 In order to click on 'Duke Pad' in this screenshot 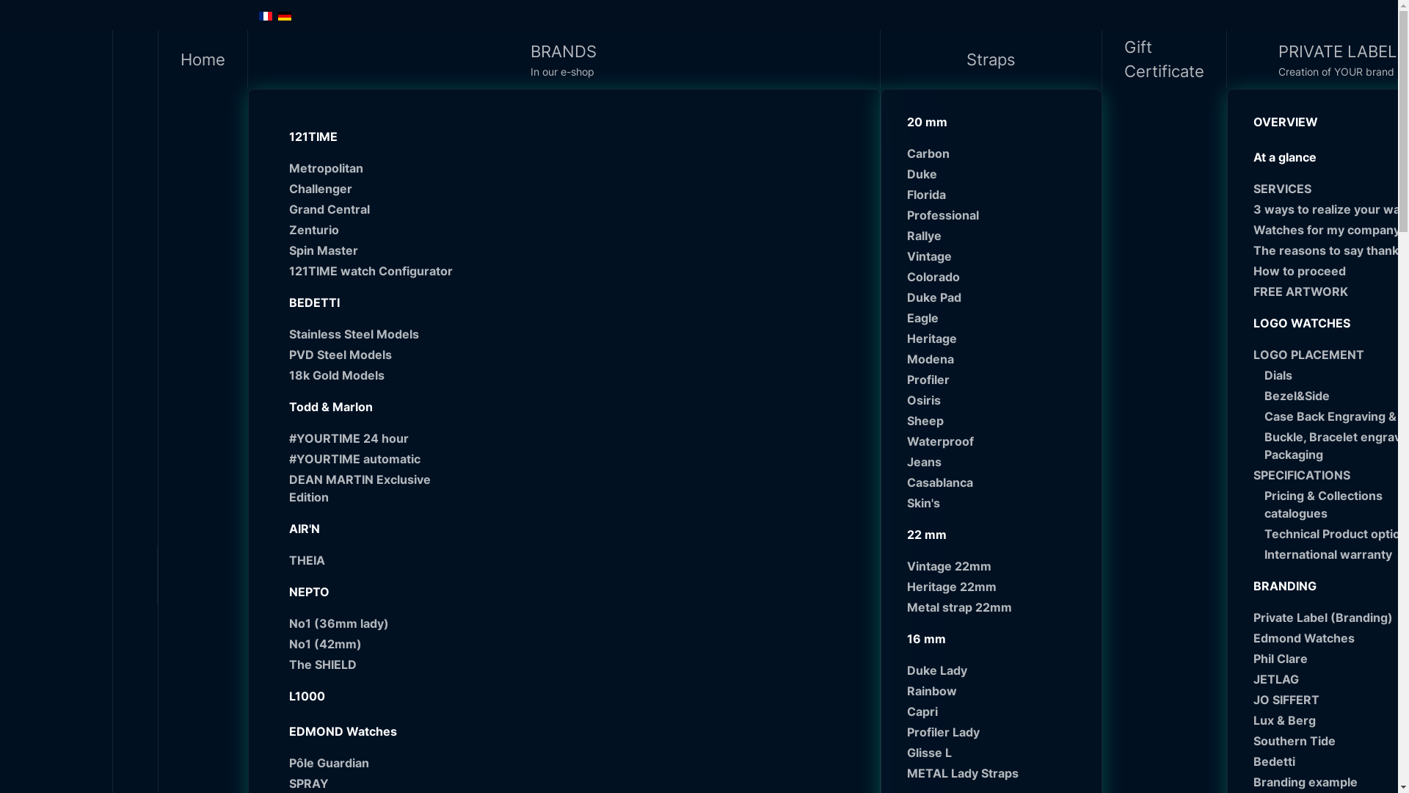, I will do `click(997, 297)`.